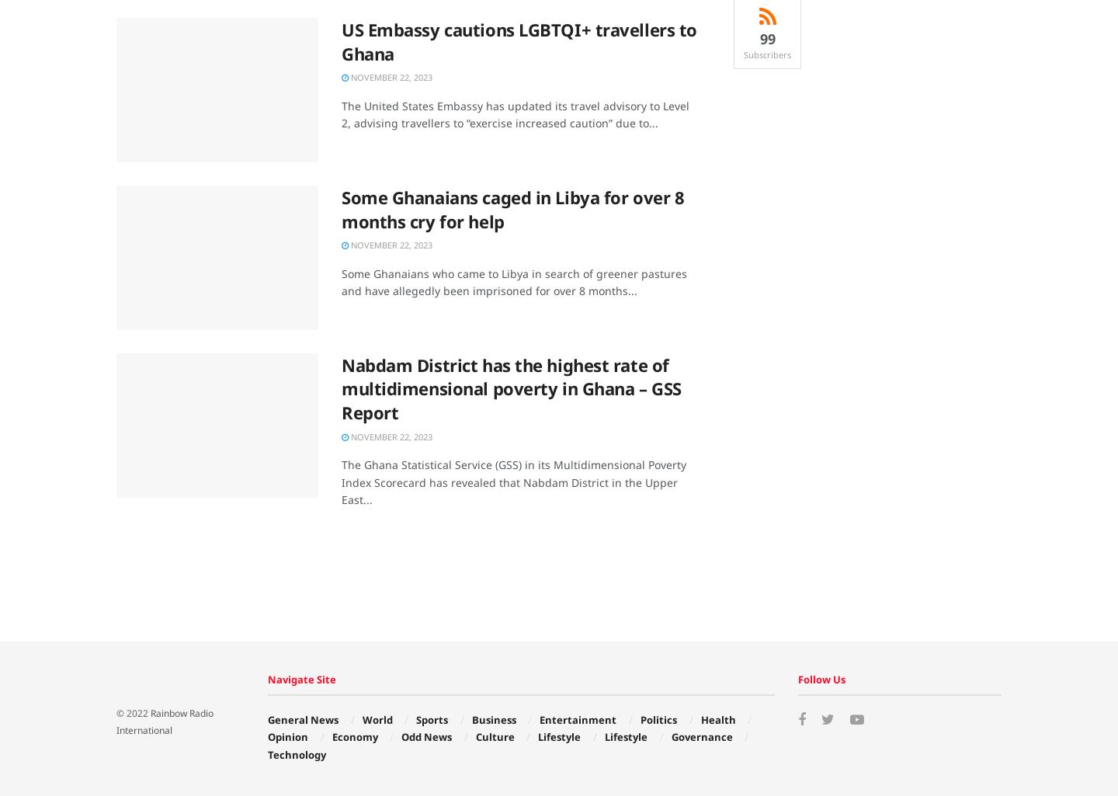  What do you see at coordinates (766, 38) in the screenshot?
I see `'99'` at bounding box center [766, 38].